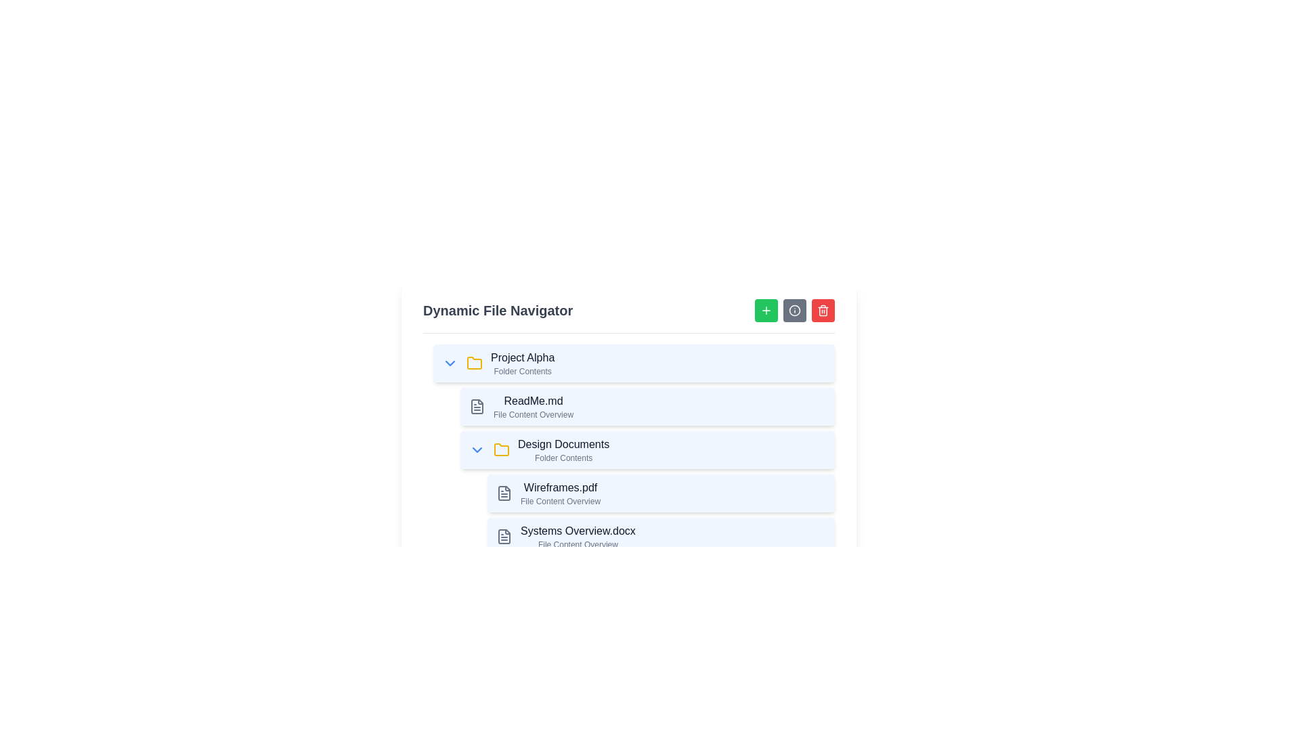 The image size is (1300, 731). What do you see at coordinates (450, 362) in the screenshot?
I see `the chevron icon` at bounding box center [450, 362].